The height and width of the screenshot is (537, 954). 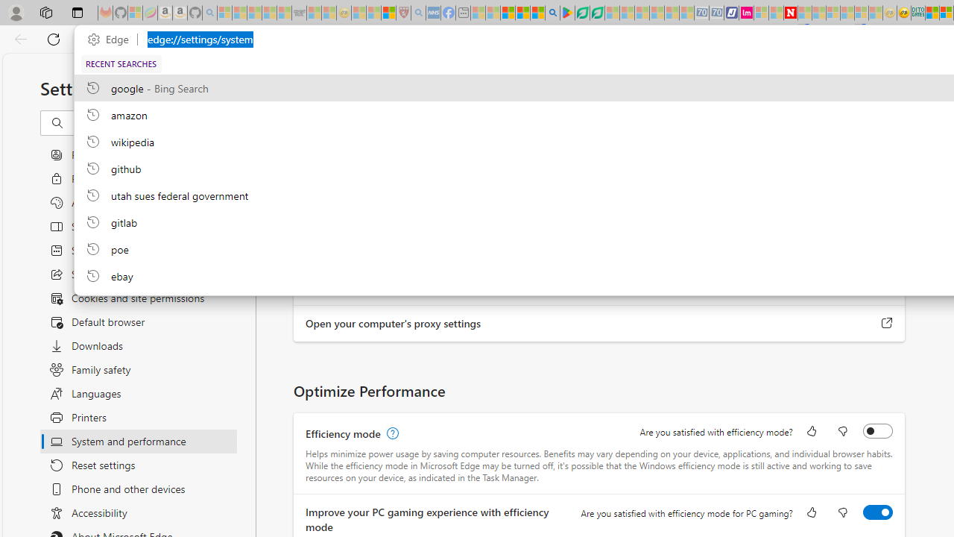 I want to click on 'Efficiency mode', so click(x=878, y=431).